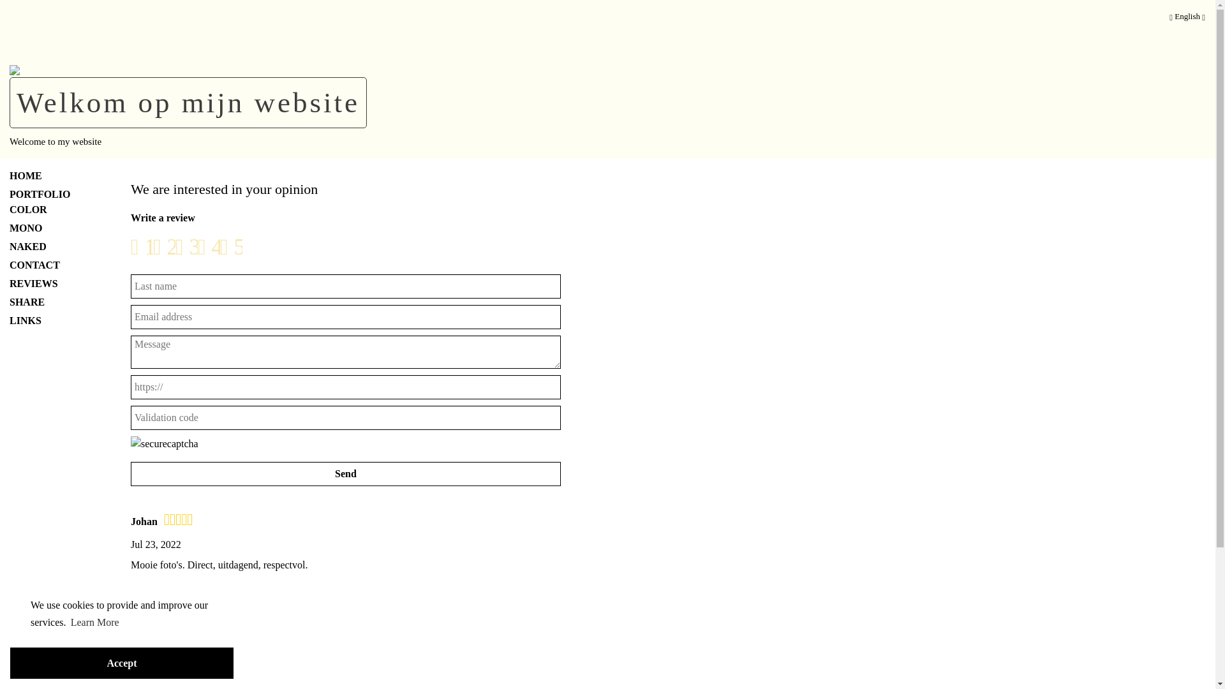 This screenshot has width=1225, height=689. What do you see at coordinates (122, 662) in the screenshot?
I see `'Accept'` at bounding box center [122, 662].